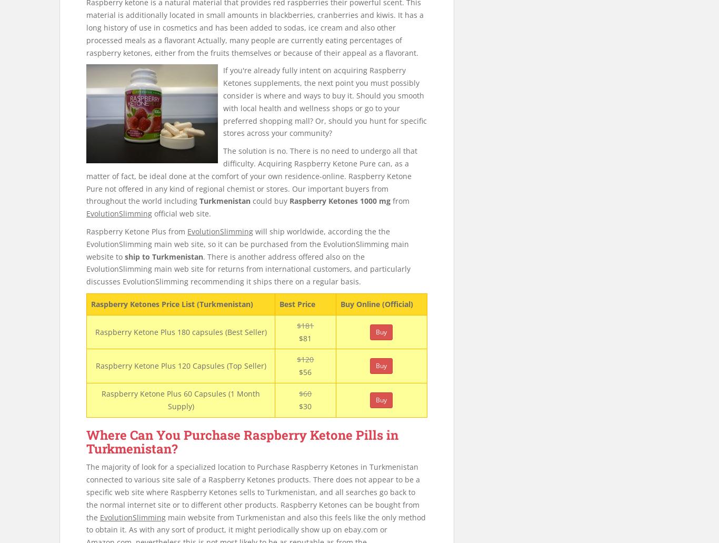  I want to click on 'Raspberry Ketones Price List (Turkmenistan)', so click(172, 303).